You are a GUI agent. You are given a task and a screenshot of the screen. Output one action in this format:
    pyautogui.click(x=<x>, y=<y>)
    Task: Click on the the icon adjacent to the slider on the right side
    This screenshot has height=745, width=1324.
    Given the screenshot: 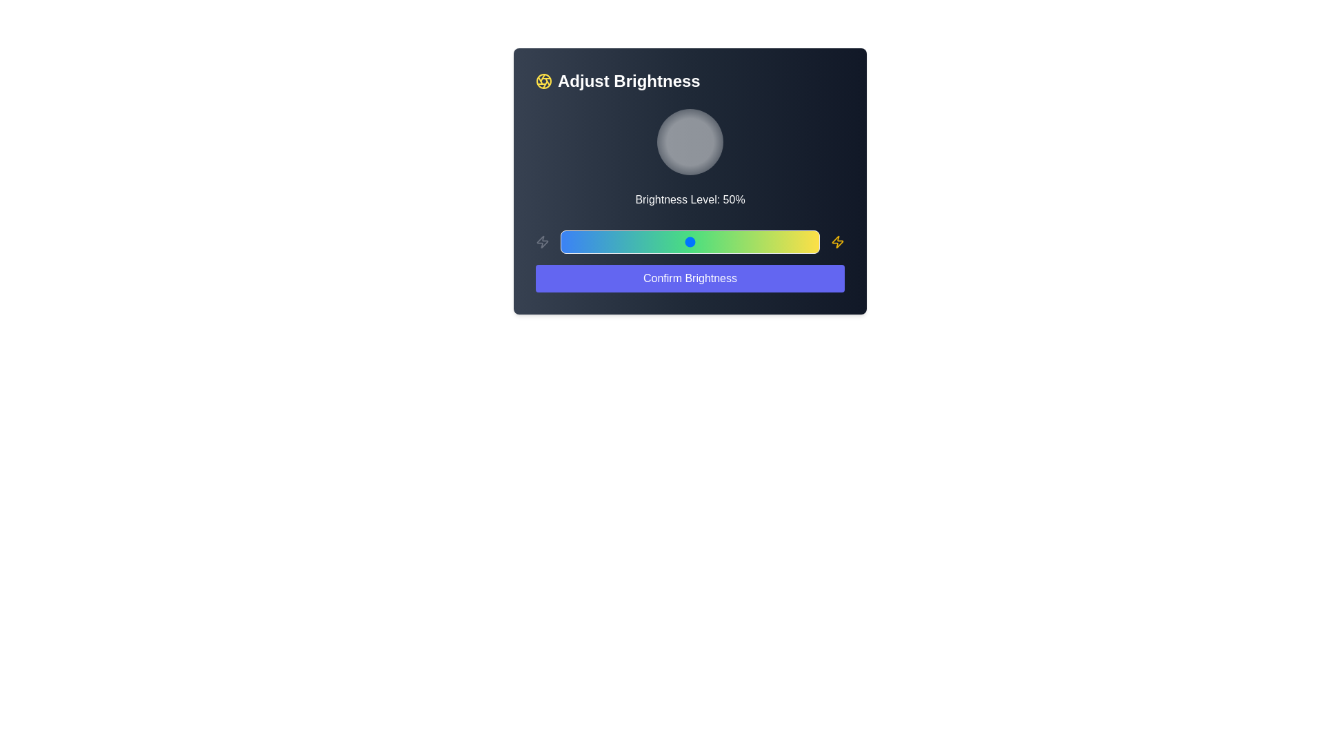 What is the action you would take?
    pyautogui.click(x=836, y=241)
    